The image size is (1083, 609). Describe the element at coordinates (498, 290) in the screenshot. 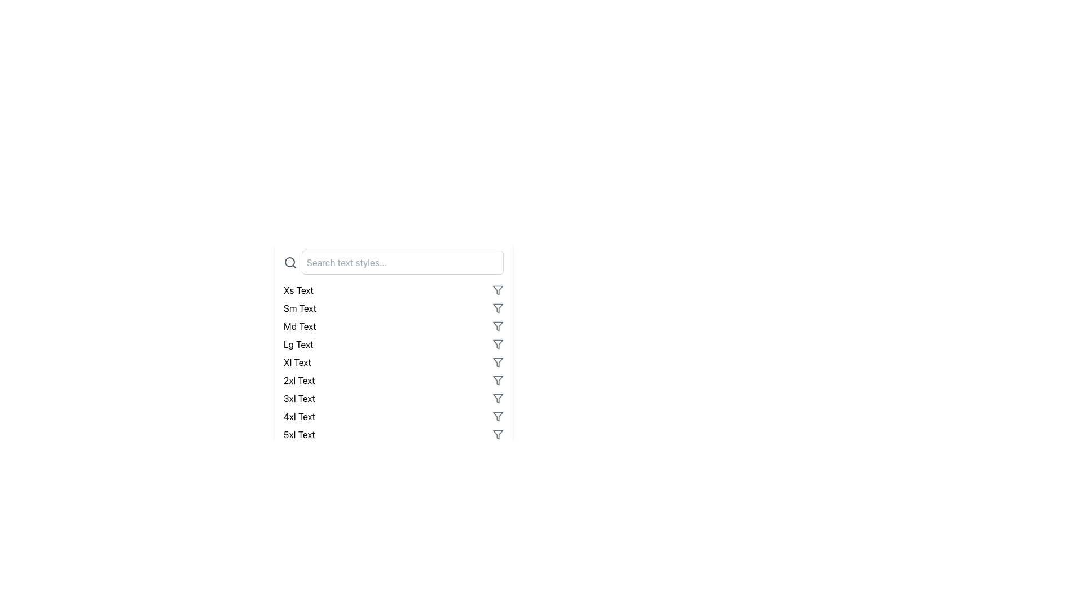

I see `the small gray triangular icon located on the right side of the row labeled 'Xs Text' within the filter control component` at that location.